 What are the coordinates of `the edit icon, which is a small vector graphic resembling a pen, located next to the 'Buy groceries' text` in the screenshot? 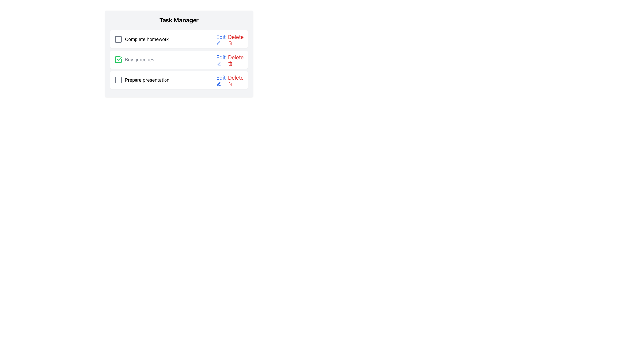 It's located at (218, 83).